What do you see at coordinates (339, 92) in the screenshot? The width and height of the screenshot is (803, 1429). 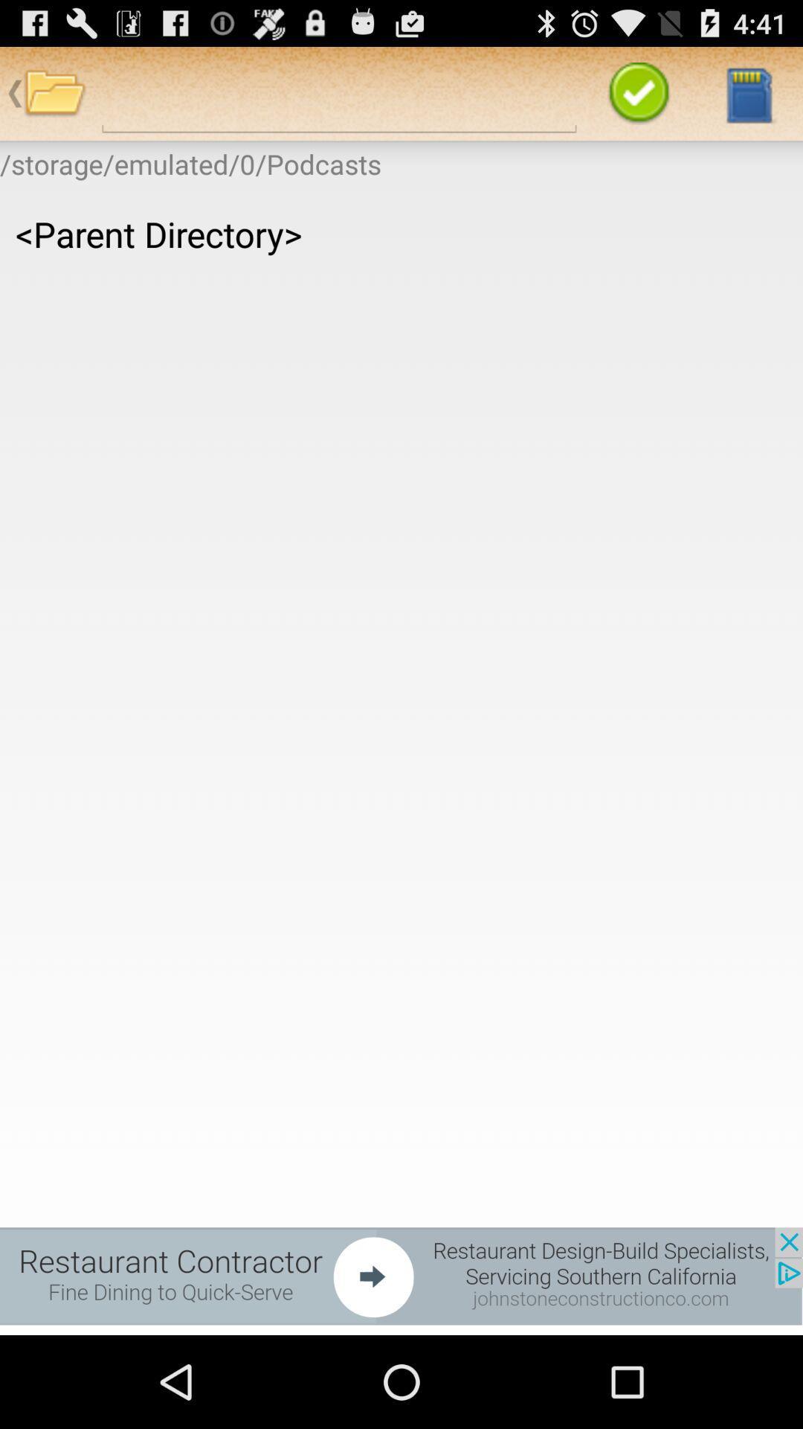 I see `search section` at bounding box center [339, 92].